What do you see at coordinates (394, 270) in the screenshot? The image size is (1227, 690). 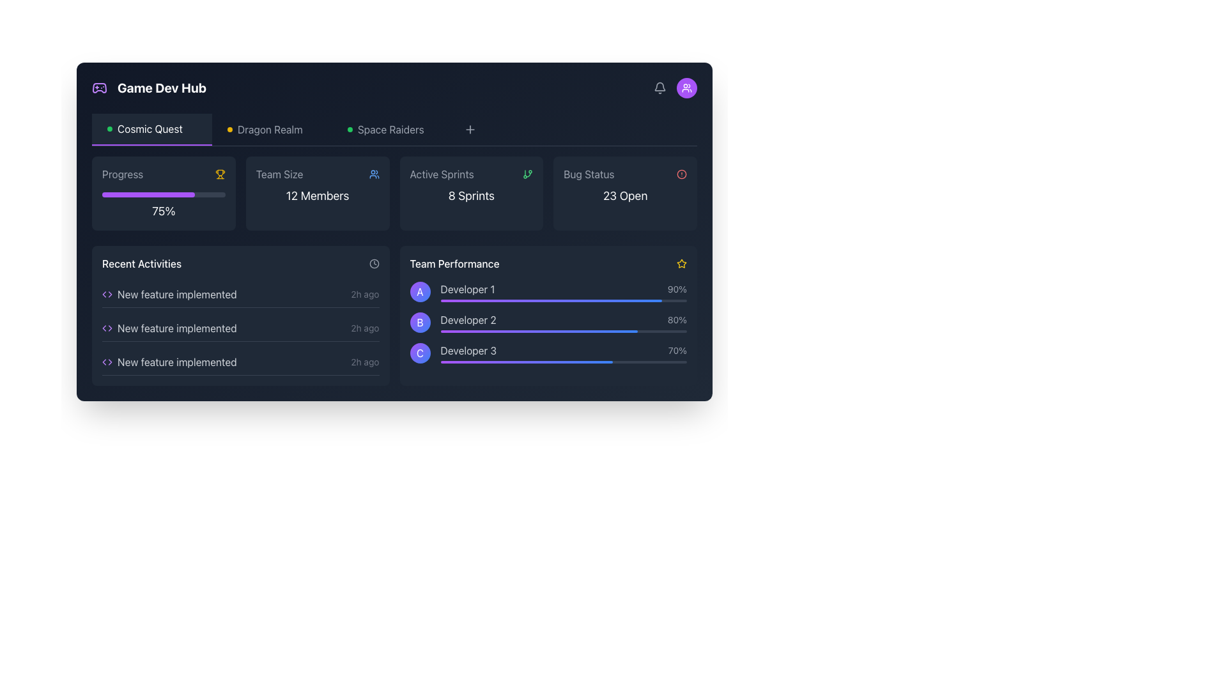 I see `the Dashboard Summary Component` at bounding box center [394, 270].